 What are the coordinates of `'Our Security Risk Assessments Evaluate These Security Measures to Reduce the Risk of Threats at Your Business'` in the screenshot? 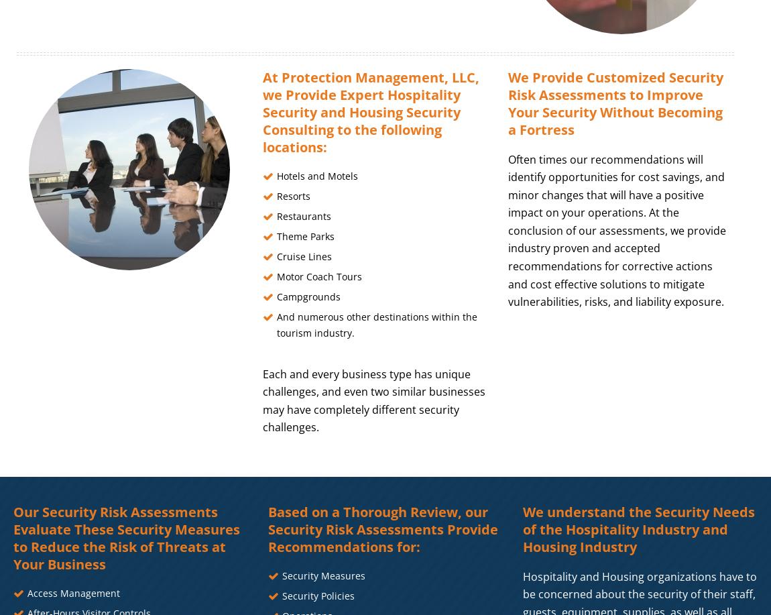 It's located at (125, 537).